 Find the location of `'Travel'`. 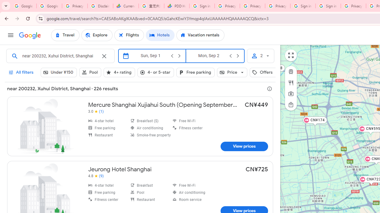

'Travel' is located at coordinates (65, 35).